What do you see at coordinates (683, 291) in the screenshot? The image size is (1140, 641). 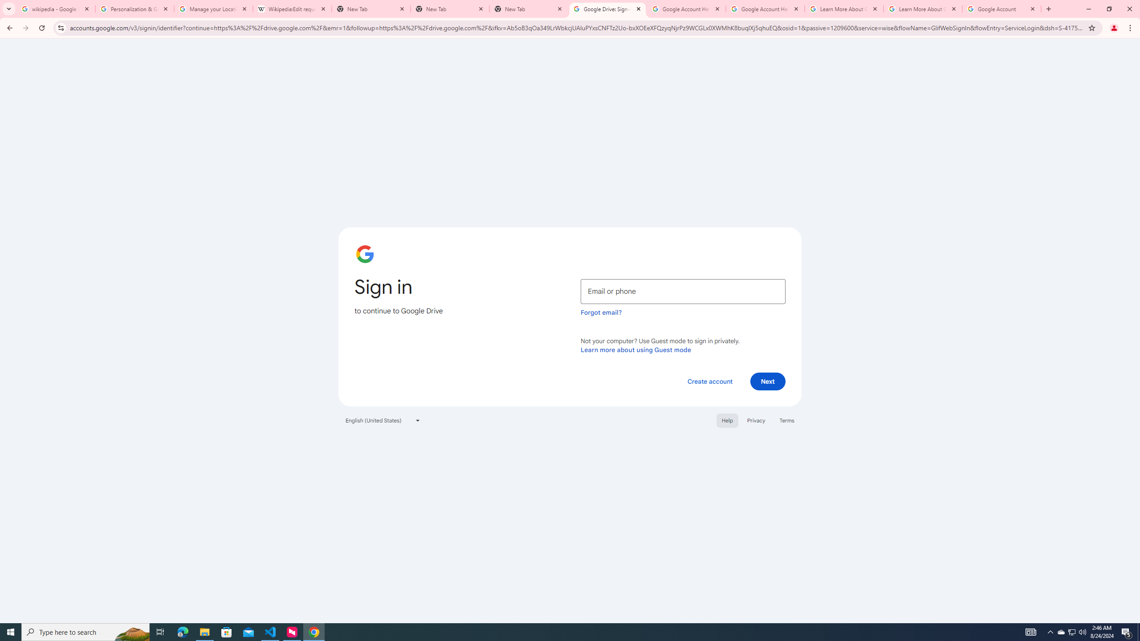 I see `'Email or phone'` at bounding box center [683, 291].